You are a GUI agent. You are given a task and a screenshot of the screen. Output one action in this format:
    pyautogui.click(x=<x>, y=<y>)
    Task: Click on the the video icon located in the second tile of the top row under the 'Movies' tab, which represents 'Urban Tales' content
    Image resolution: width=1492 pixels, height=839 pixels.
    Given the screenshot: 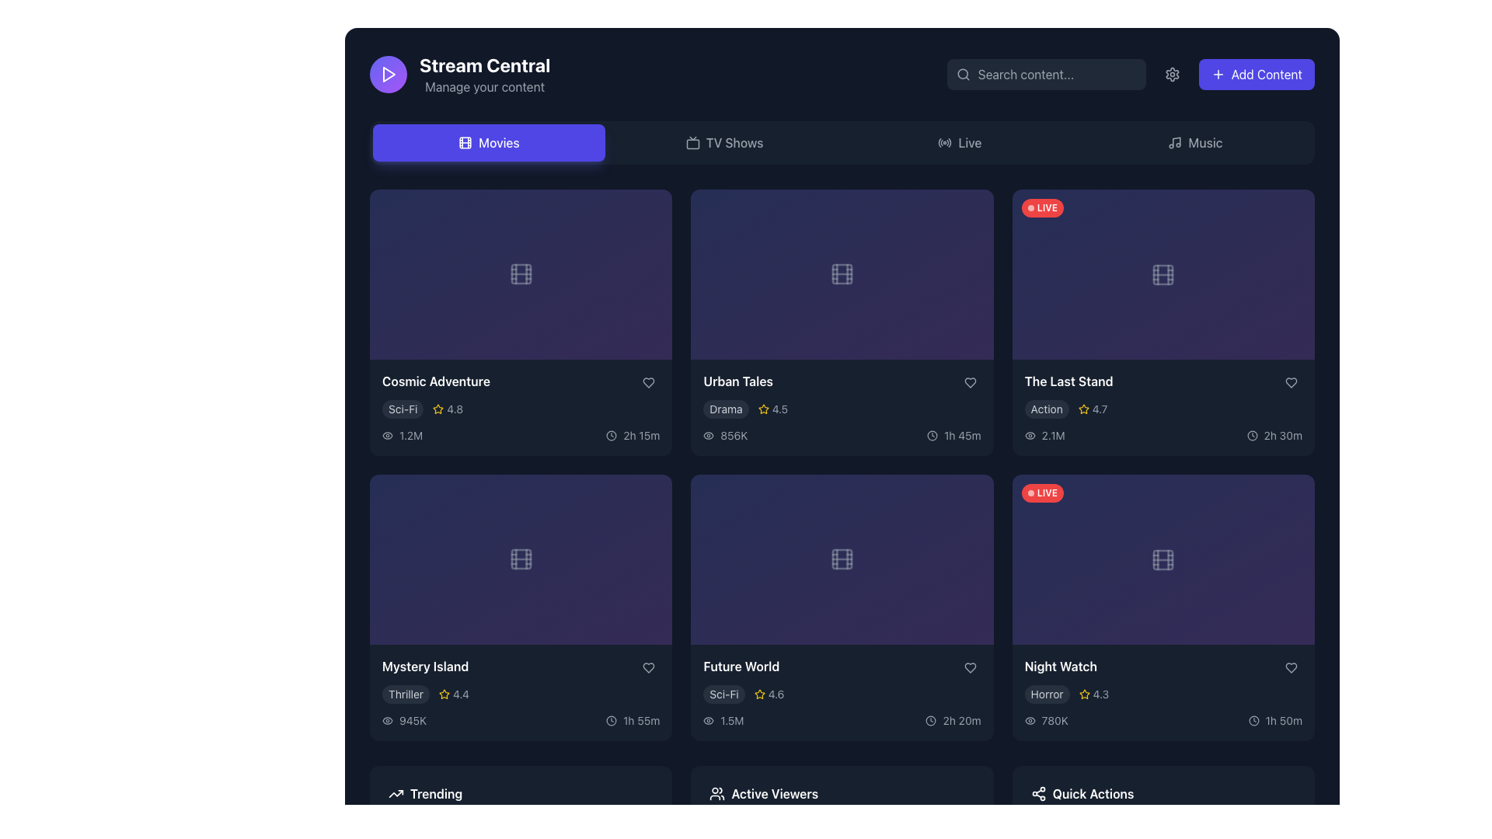 What is the action you would take?
    pyautogui.click(x=842, y=273)
    